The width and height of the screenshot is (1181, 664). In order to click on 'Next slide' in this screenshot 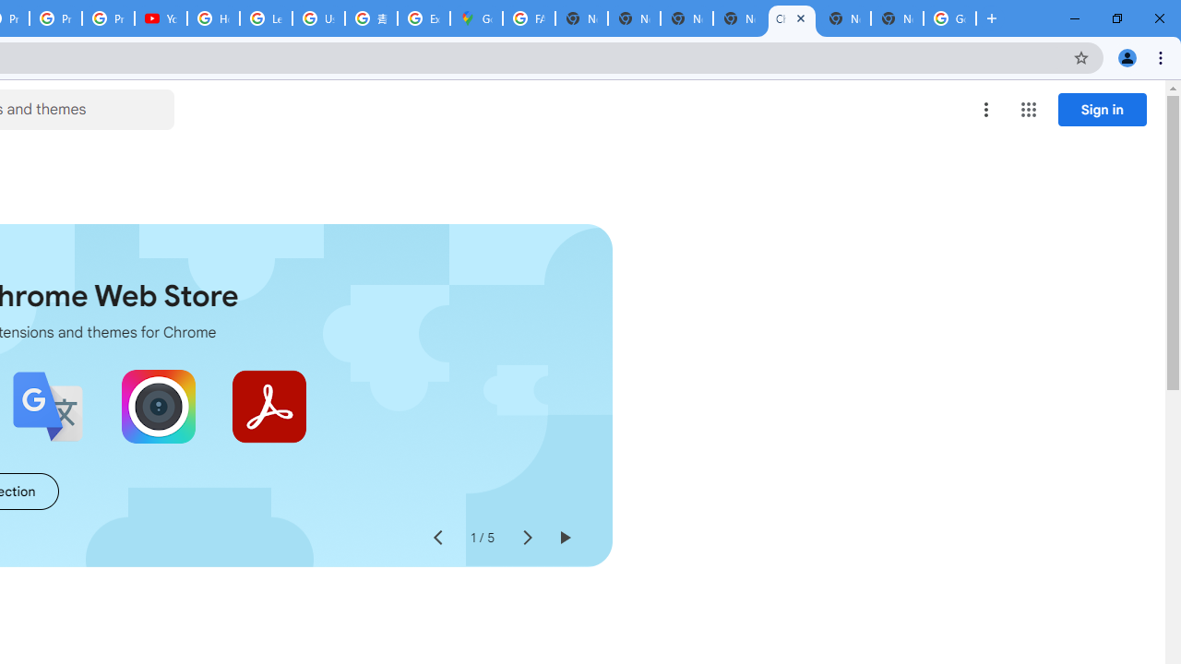, I will do `click(525, 538)`.